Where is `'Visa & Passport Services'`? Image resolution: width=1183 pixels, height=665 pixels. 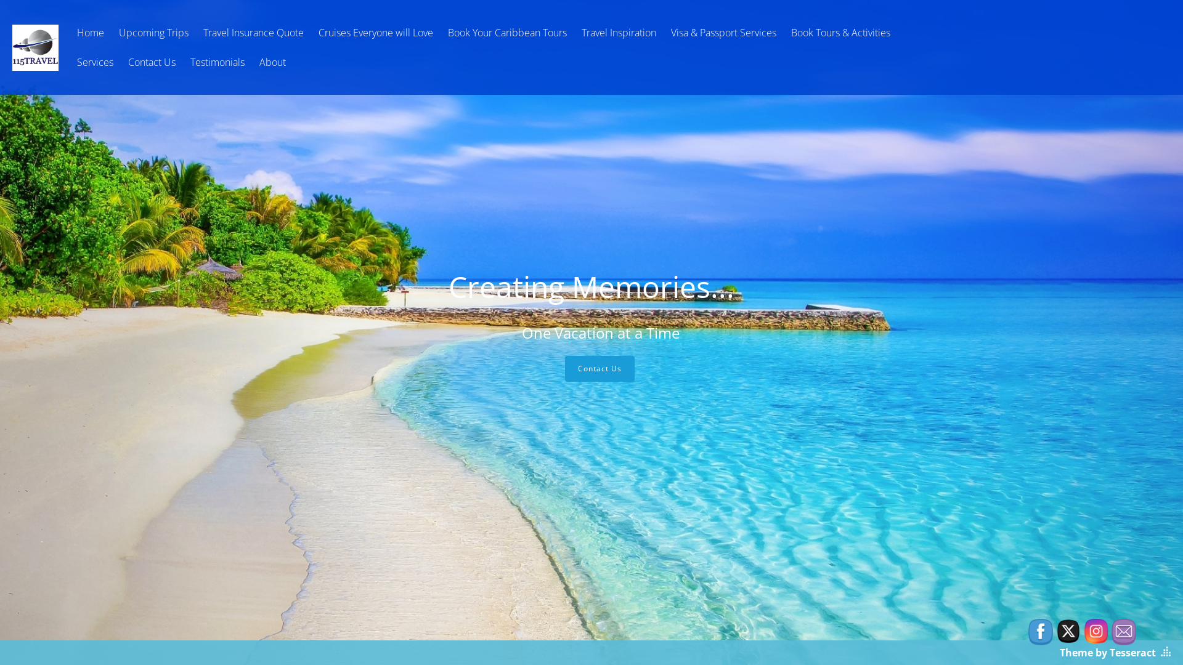
'Visa & Passport Services' is located at coordinates (723, 32).